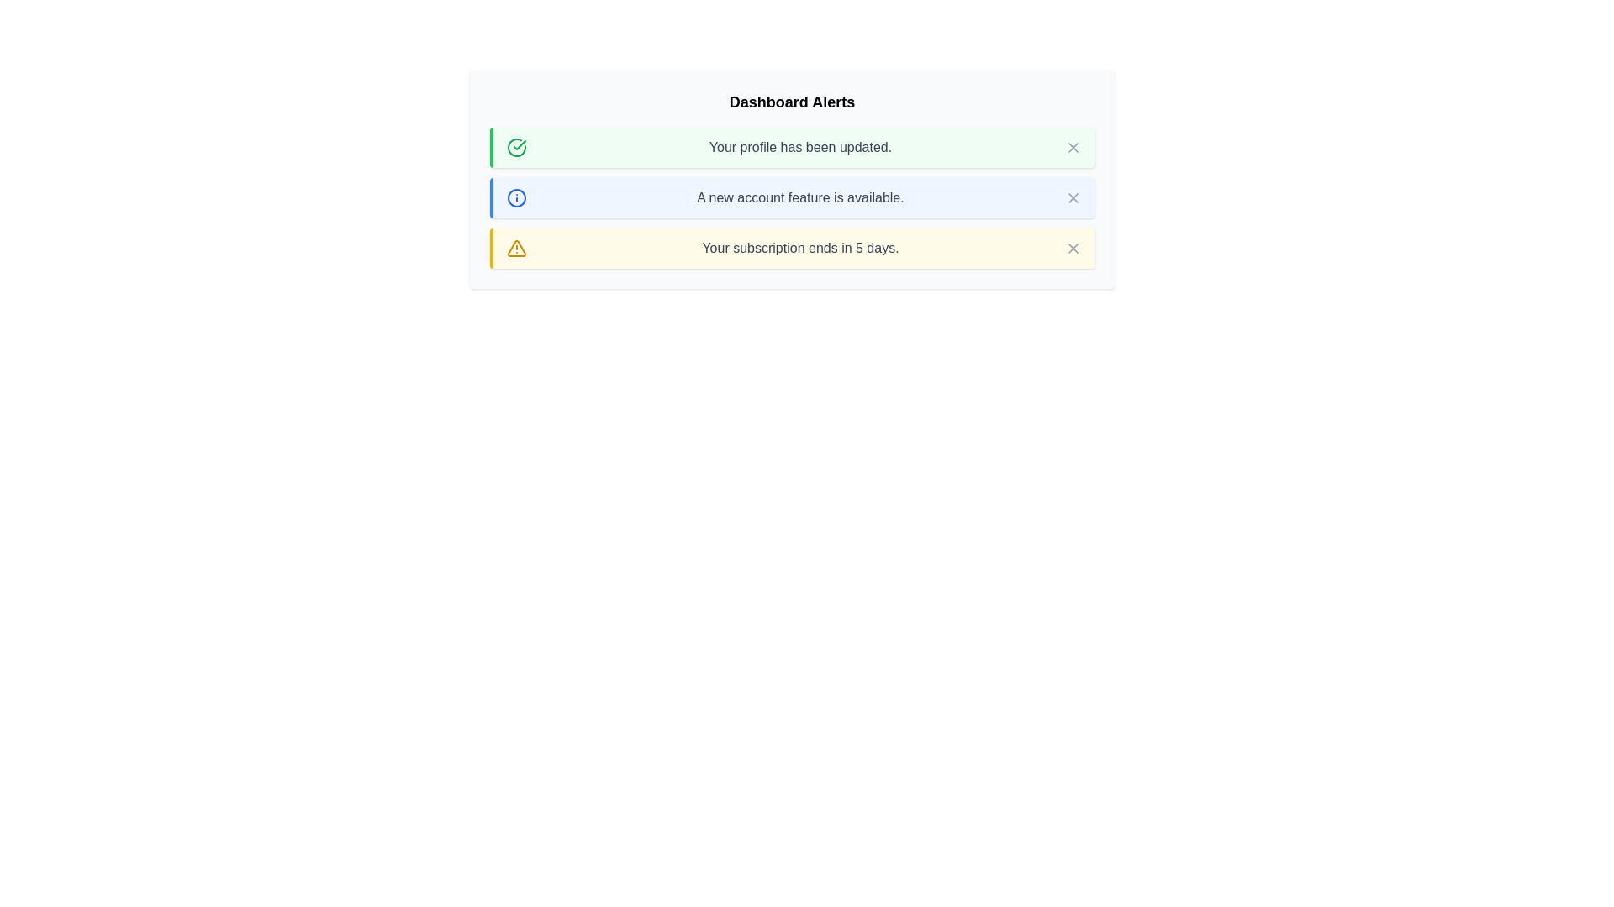  I want to click on the alert icon located to the left of the notification message stating 'Your subscription ends in 5 days.', so click(515, 249).